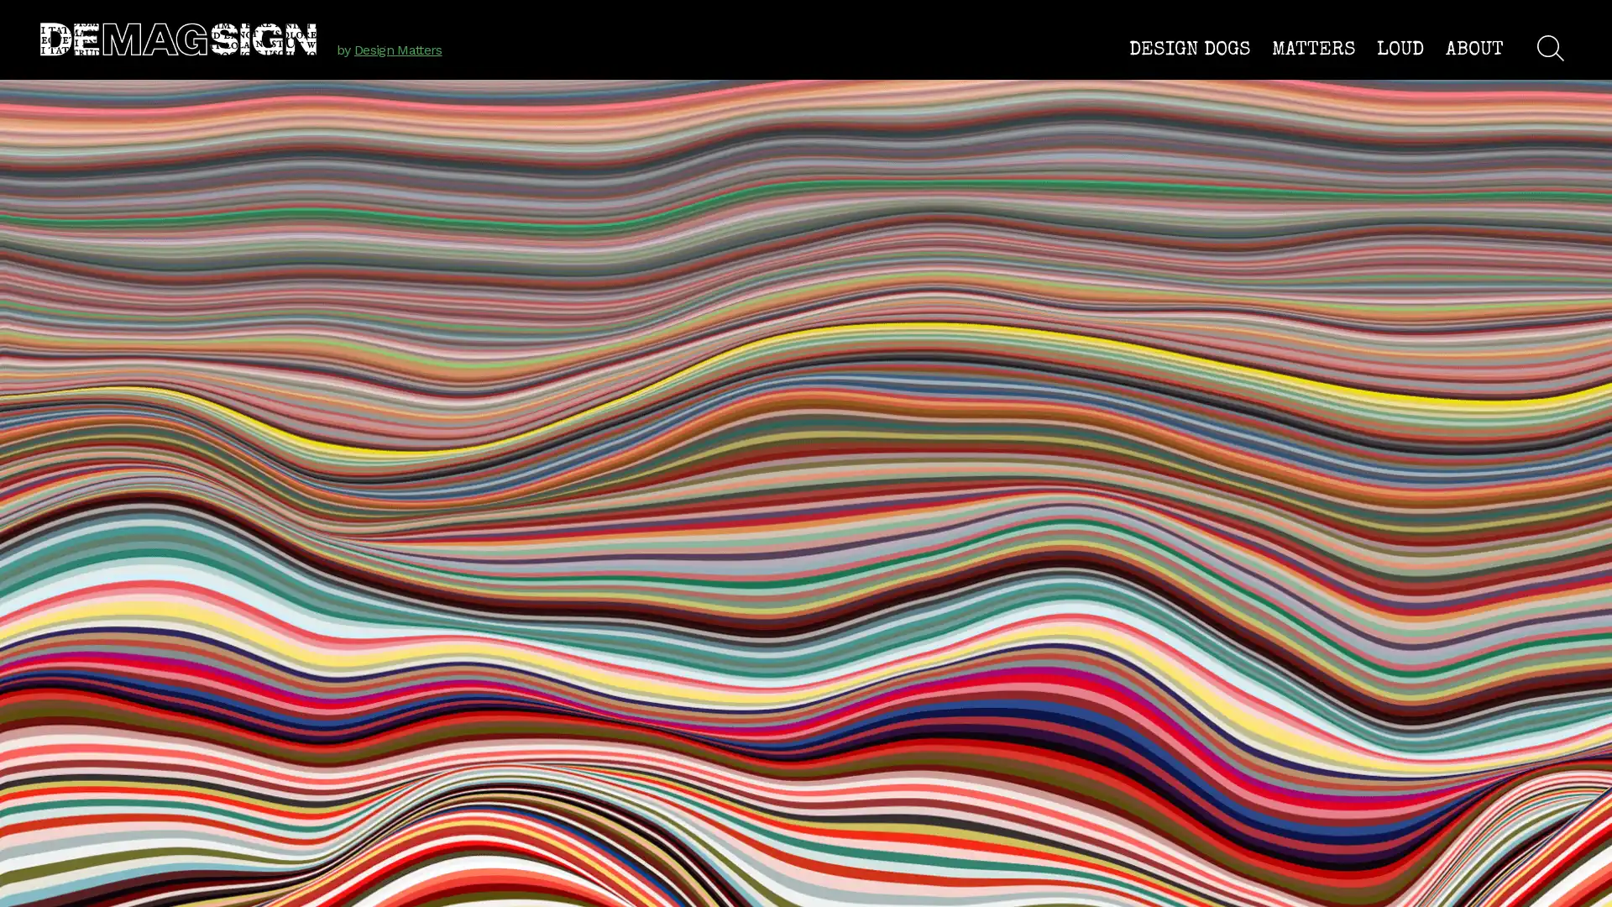 This screenshot has height=907, width=1612. I want to click on Search, so click(1550, 47).